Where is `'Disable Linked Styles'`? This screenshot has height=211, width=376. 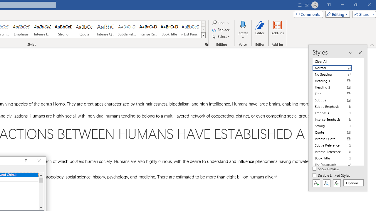 'Disable Linked Styles' is located at coordinates (332, 175).